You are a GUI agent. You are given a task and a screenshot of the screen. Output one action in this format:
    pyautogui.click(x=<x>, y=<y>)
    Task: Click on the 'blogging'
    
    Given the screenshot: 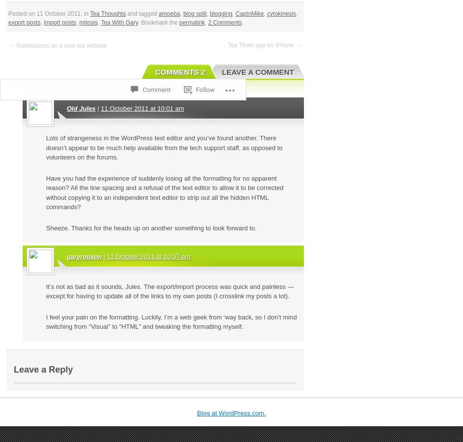 What is the action you would take?
    pyautogui.click(x=210, y=13)
    